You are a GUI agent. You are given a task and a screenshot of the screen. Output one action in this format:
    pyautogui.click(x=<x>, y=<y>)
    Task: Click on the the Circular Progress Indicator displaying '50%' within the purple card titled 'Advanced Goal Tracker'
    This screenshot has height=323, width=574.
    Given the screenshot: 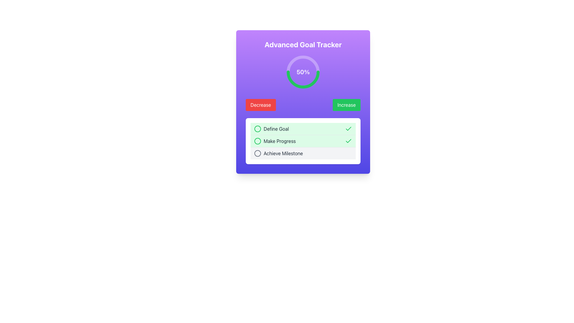 What is the action you would take?
    pyautogui.click(x=303, y=71)
    